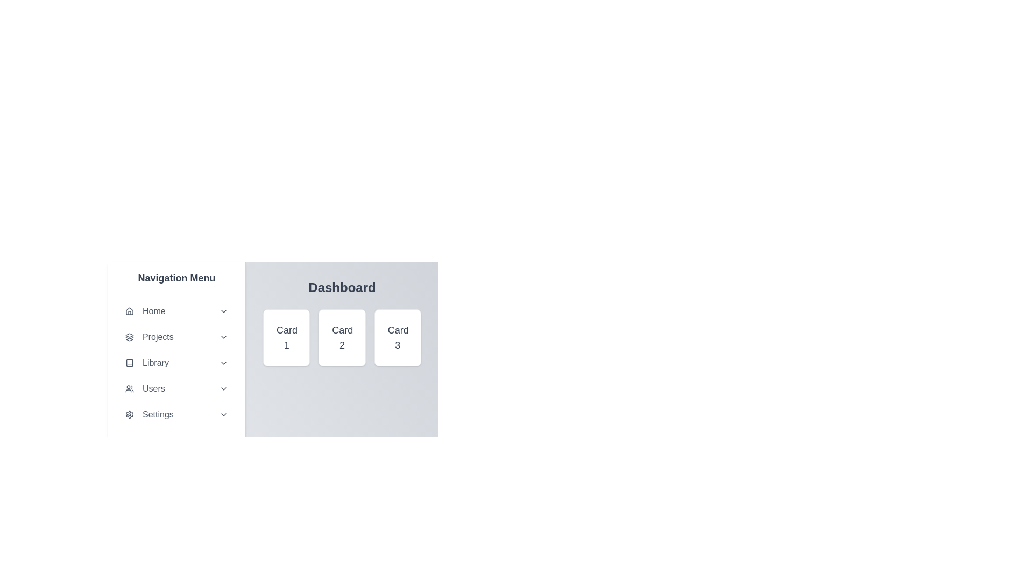 Image resolution: width=1033 pixels, height=581 pixels. I want to click on the downward-pointing chevron icon located to the right of the 'Home' navigation entry, so click(223, 311).